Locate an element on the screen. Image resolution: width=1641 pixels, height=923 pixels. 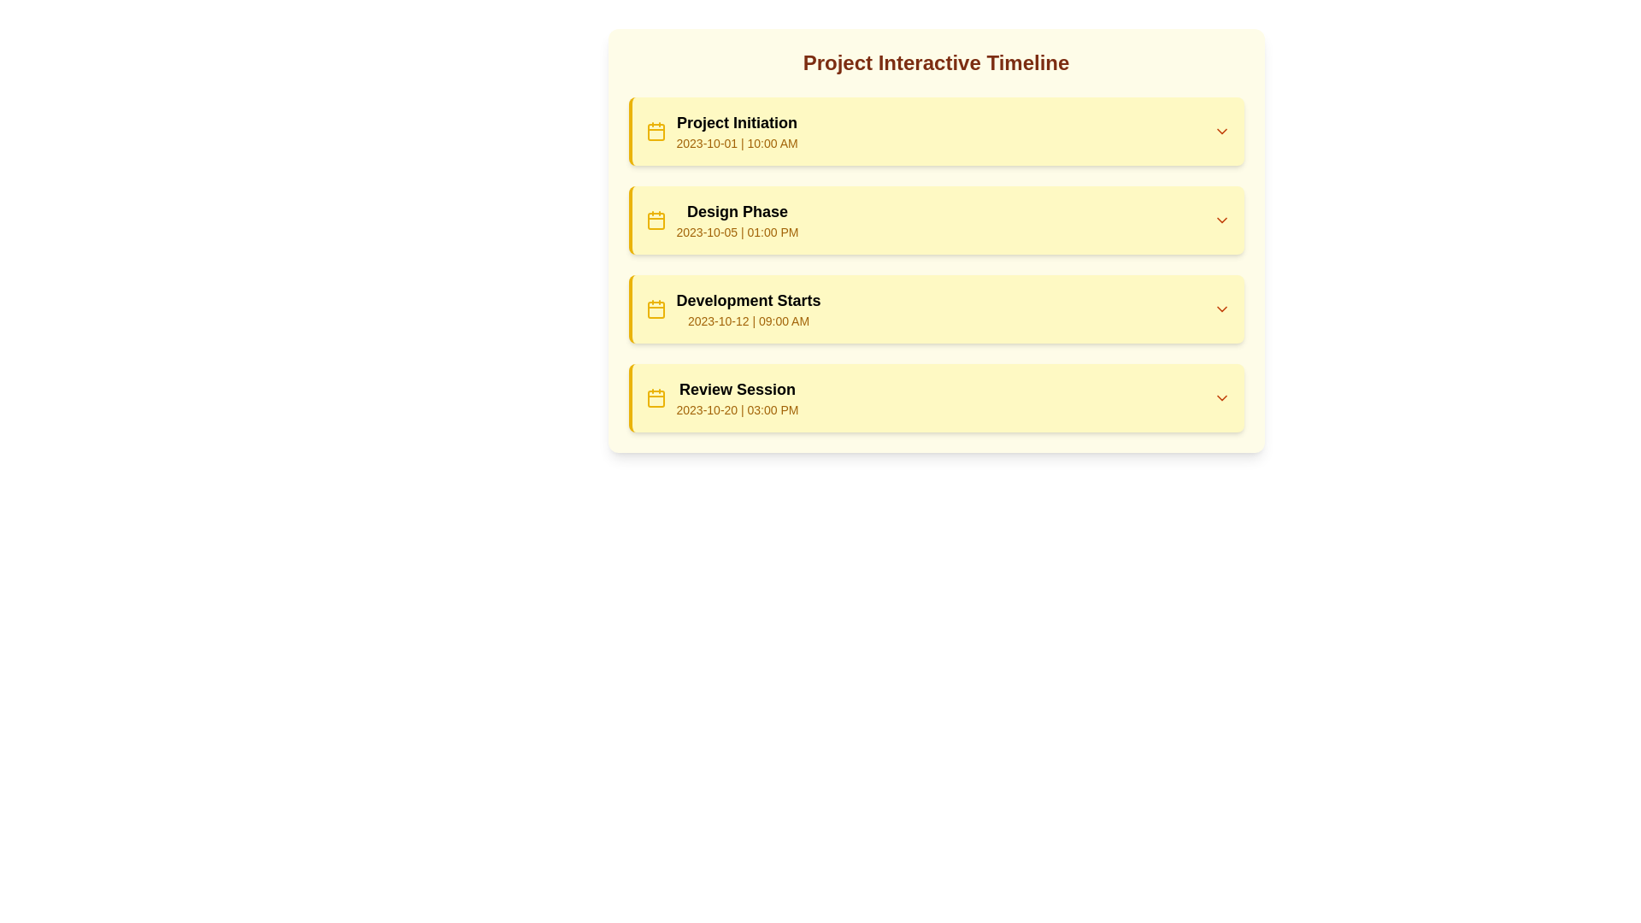
displayed information from the Text Display for the calendar event title and scheduled time, located in the fourth position under 'Project Interactive Timeline' is located at coordinates (738, 398).